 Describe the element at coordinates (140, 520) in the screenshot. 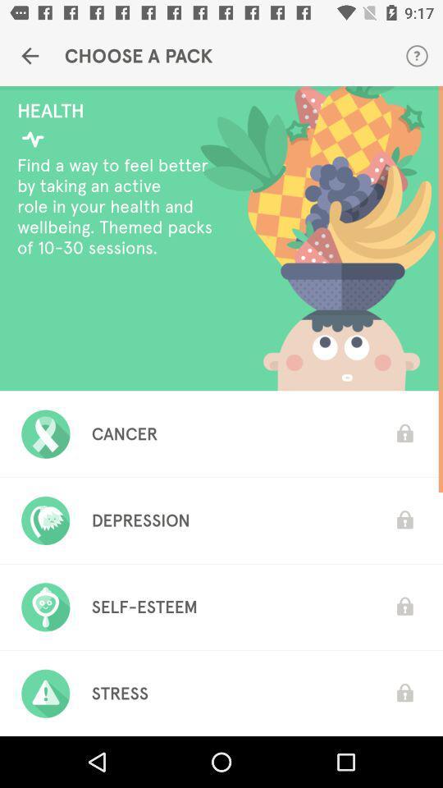

I see `the item above the self-esteem` at that location.